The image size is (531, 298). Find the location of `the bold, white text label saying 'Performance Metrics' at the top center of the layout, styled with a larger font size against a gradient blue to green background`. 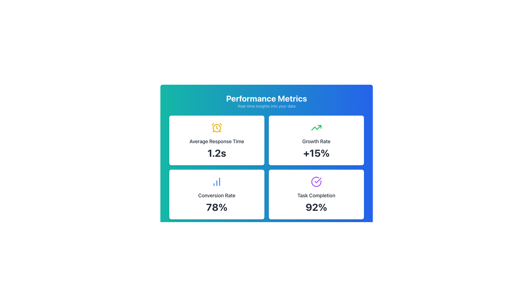

the bold, white text label saying 'Performance Metrics' at the top center of the layout, styled with a larger font size against a gradient blue to green background is located at coordinates (267, 98).